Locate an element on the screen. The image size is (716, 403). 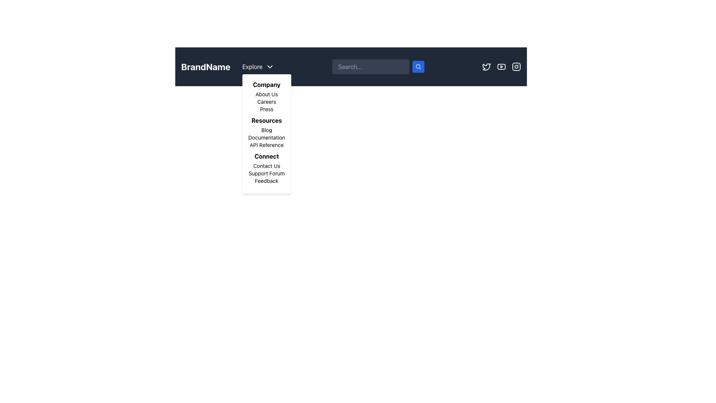
the 'About Us' hyperlink located in the dropdown menu under the 'Company' heading to underline it is located at coordinates (267, 94).